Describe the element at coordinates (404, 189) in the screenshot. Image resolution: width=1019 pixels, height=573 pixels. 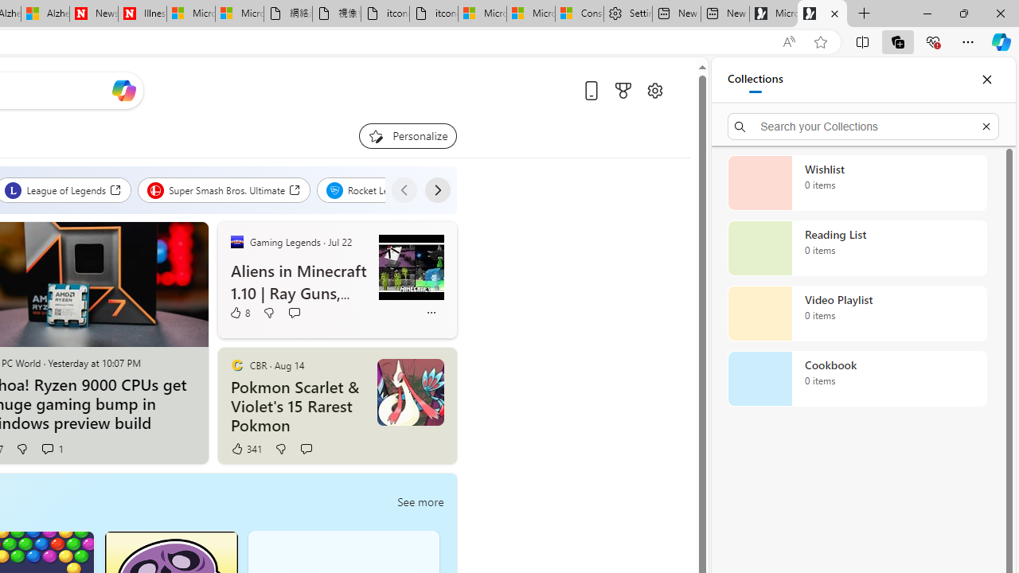
I see `'Previous'` at that location.